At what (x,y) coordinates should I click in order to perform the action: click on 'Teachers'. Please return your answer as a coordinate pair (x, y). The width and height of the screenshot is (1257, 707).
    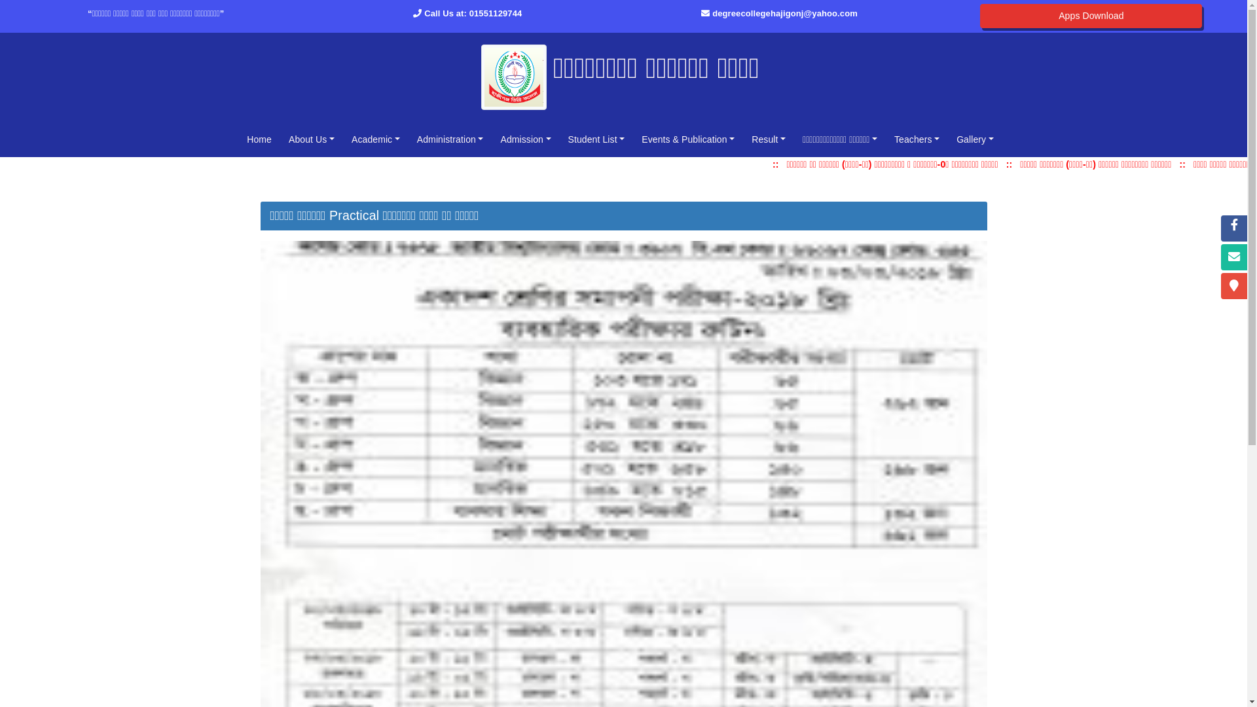
    Looking at the image, I should click on (916, 139).